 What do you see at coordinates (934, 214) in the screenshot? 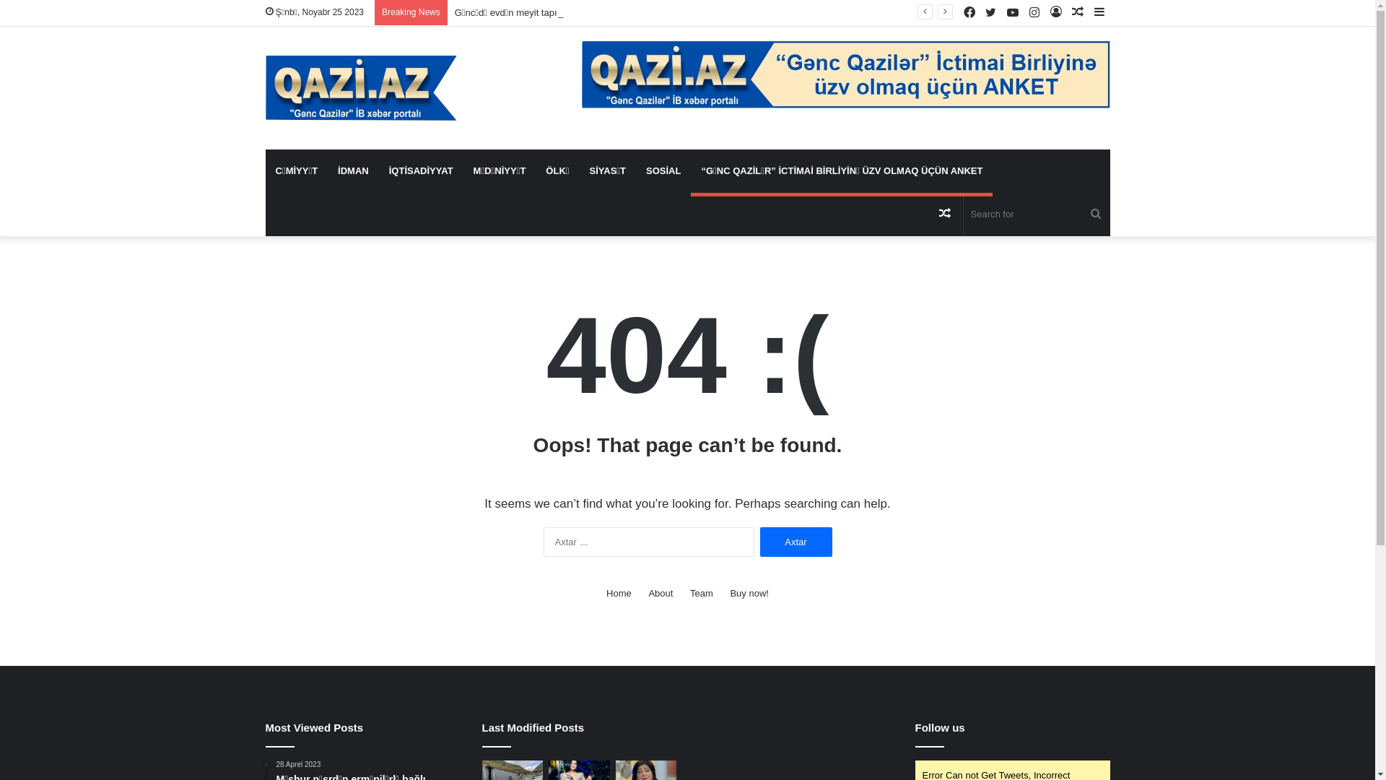
I see `'Random Article'` at bounding box center [934, 214].